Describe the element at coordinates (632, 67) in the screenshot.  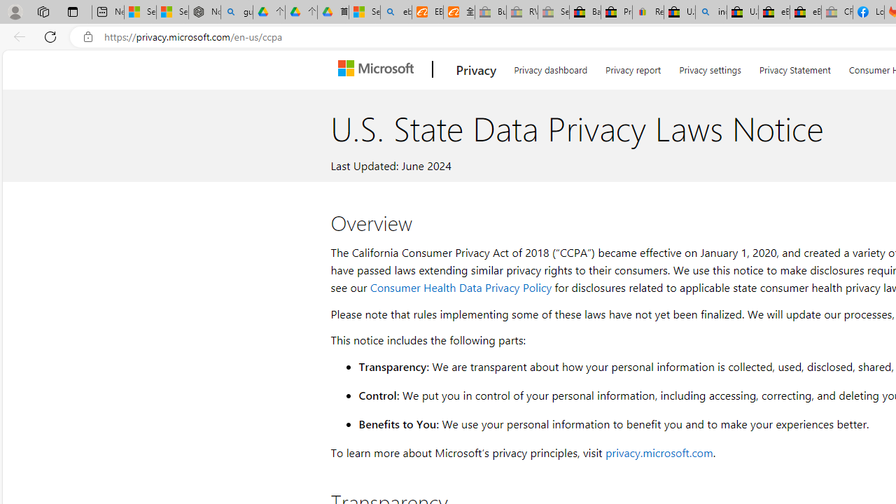
I see `'Privacy report'` at that location.